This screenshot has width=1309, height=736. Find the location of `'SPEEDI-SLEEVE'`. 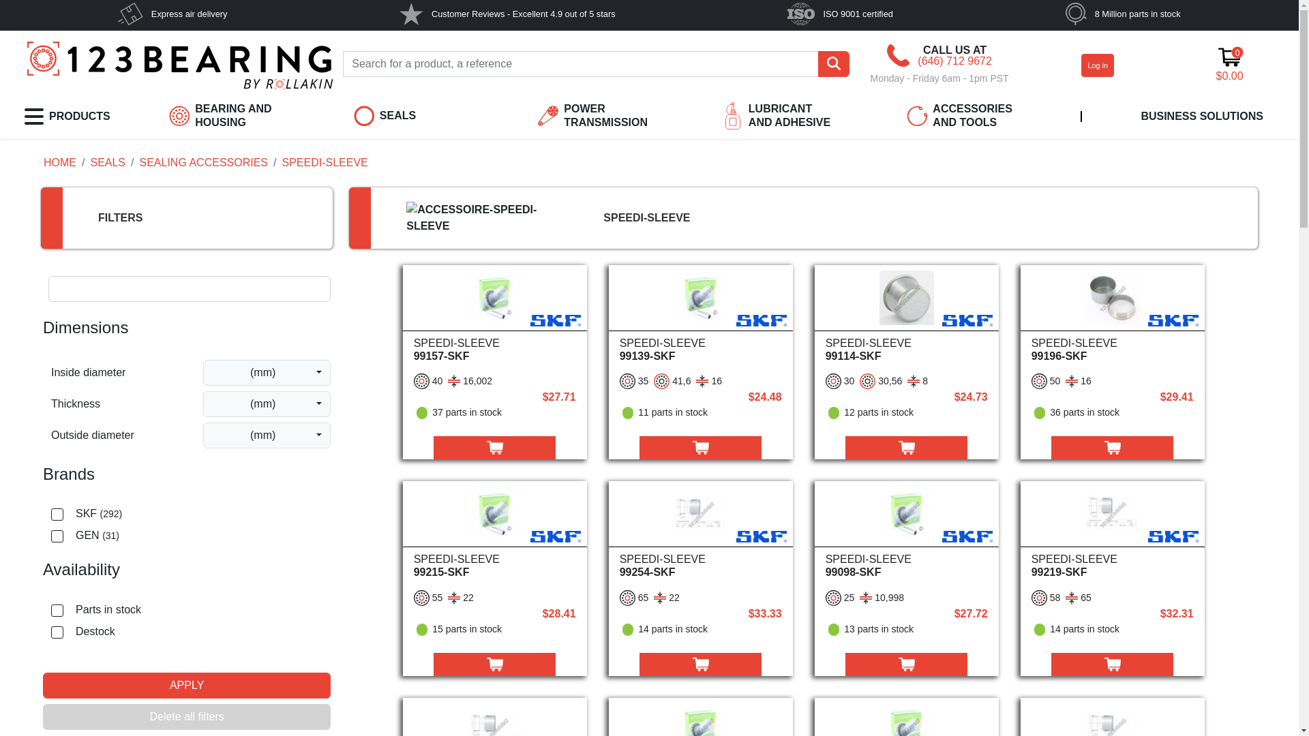

'SPEEDI-SLEEVE' is located at coordinates (323, 162).